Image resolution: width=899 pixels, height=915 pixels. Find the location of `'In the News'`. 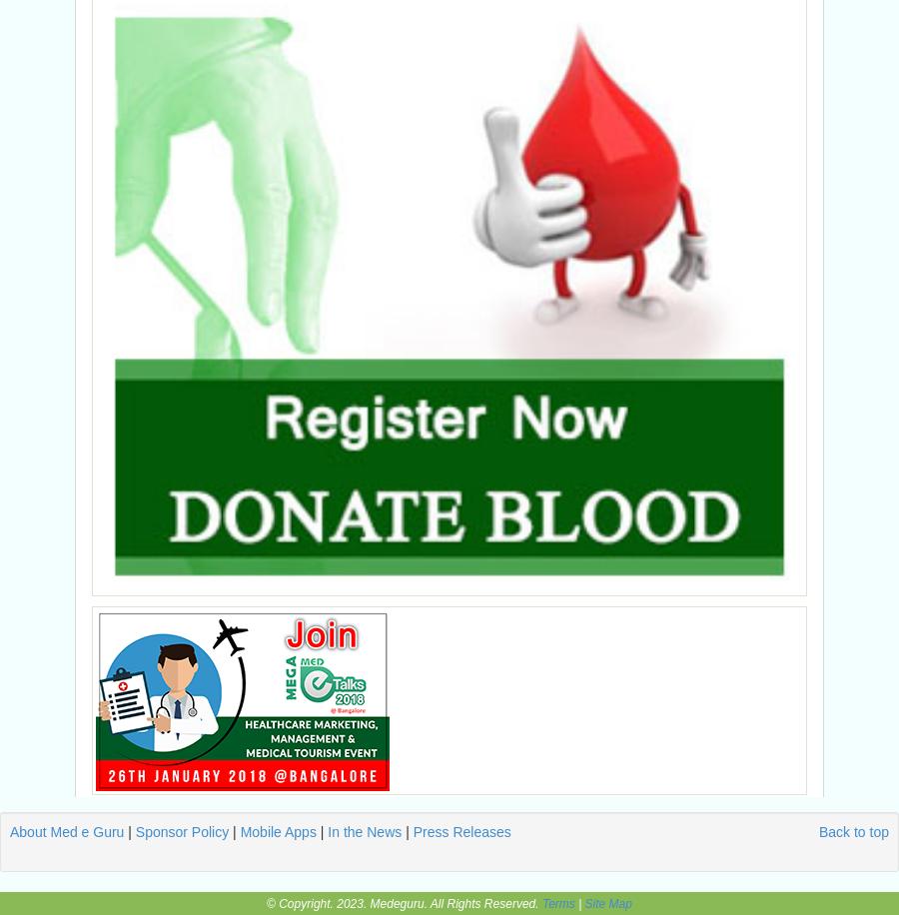

'In the News' is located at coordinates (365, 831).